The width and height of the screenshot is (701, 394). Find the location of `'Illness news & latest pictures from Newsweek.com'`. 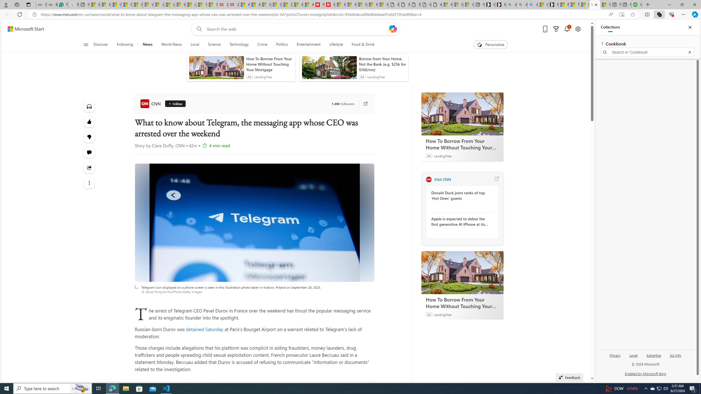

'Illness news & latest pictures from Newsweek.com' is located at coordinates (329, 4).